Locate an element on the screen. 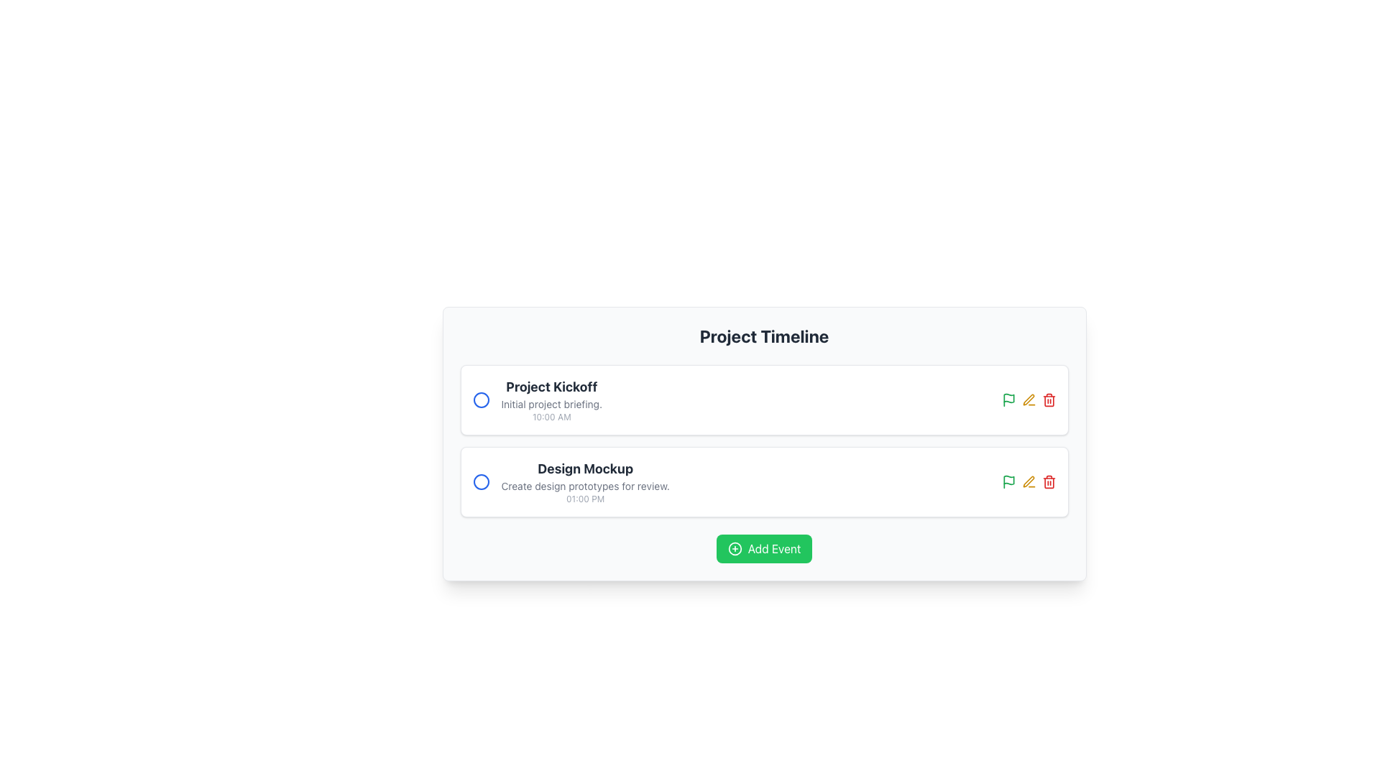 The width and height of the screenshot is (1380, 776). the text-based informational component displaying 'Project Kickoff' in bold, located at the top section of the timeline interface, immediately following a blue circular icon is located at coordinates (551, 399).